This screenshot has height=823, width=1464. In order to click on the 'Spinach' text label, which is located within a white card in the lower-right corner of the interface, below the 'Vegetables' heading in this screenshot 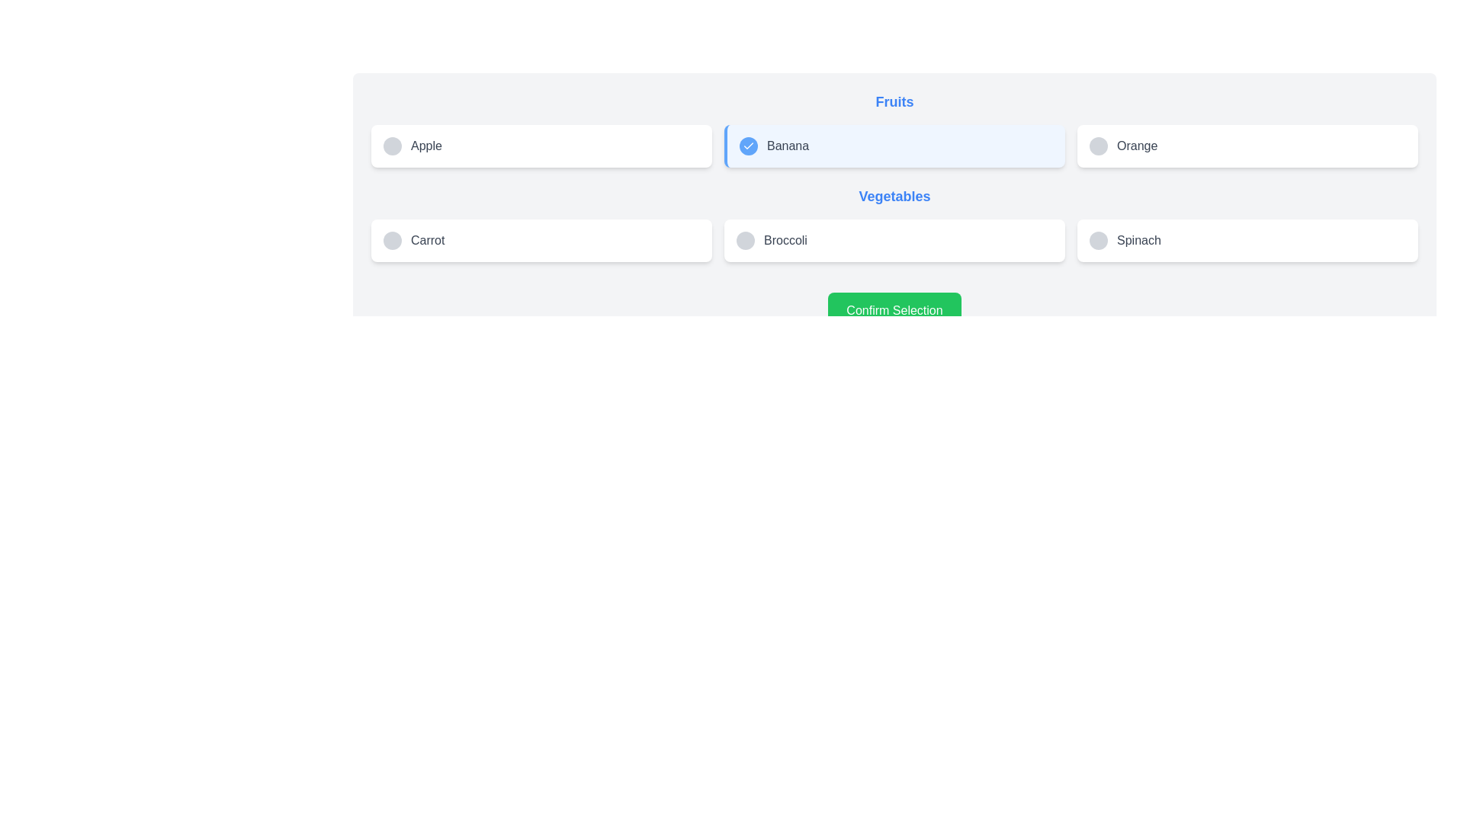, I will do `click(1138, 240)`.